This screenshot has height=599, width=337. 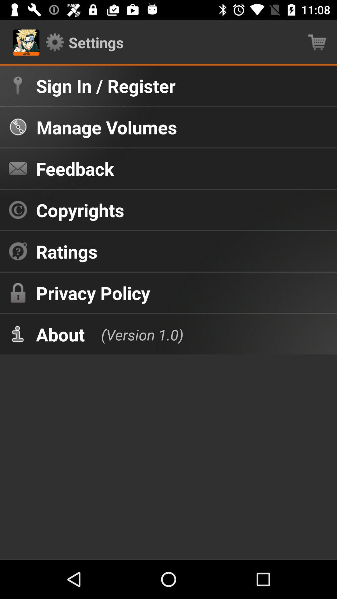 I want to click on the (version 1.0)  item, so click(x=135, y=334).